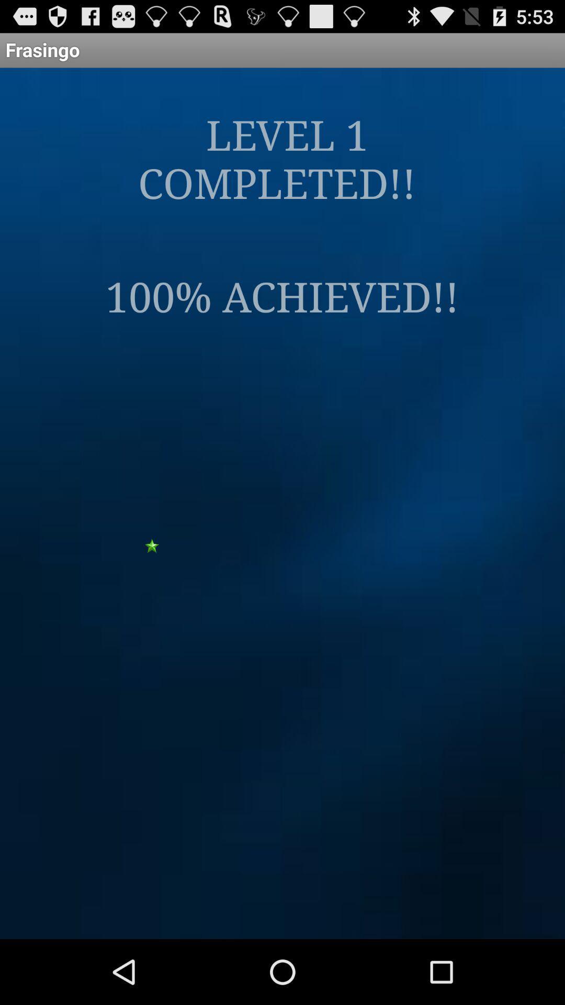 This screenshot has width=565, height=1005. Describe the element at coordinates (281, 158) in the screenshot. I see `icon above the  100% achieved!!  icon` at that location.